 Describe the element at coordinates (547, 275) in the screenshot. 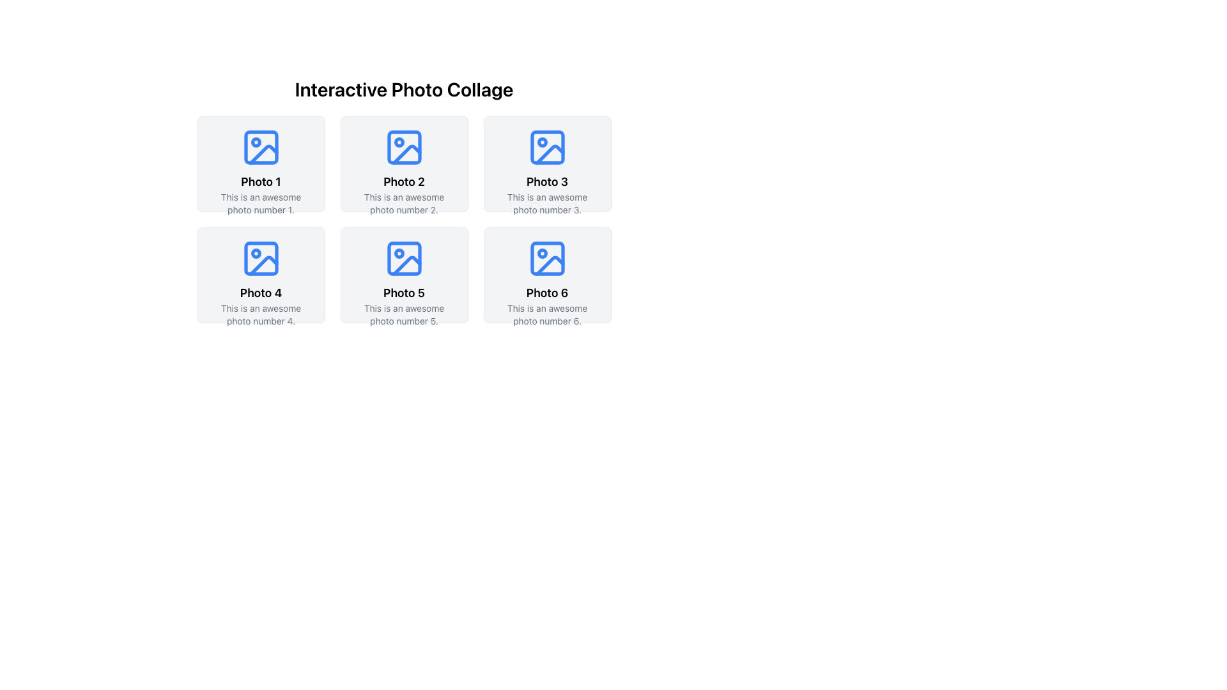

I see `the zoom-in icon located in the bottom-right grid entry labeled 'Photo 6'` at that location.